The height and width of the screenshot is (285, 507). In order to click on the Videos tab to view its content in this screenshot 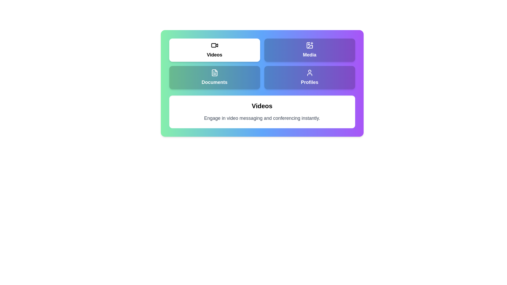, I will do `click(214, 50)`.